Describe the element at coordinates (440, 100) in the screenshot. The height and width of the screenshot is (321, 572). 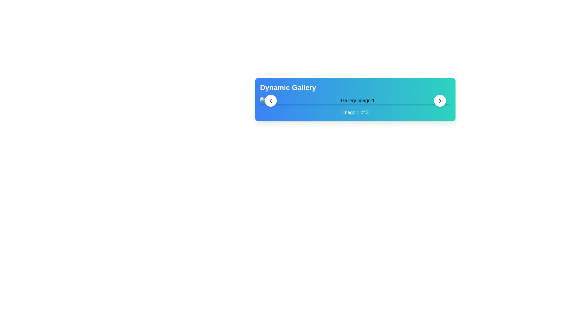
I see `the rightmost button in the horizontal gallery section to activate visual feedback` at that location.